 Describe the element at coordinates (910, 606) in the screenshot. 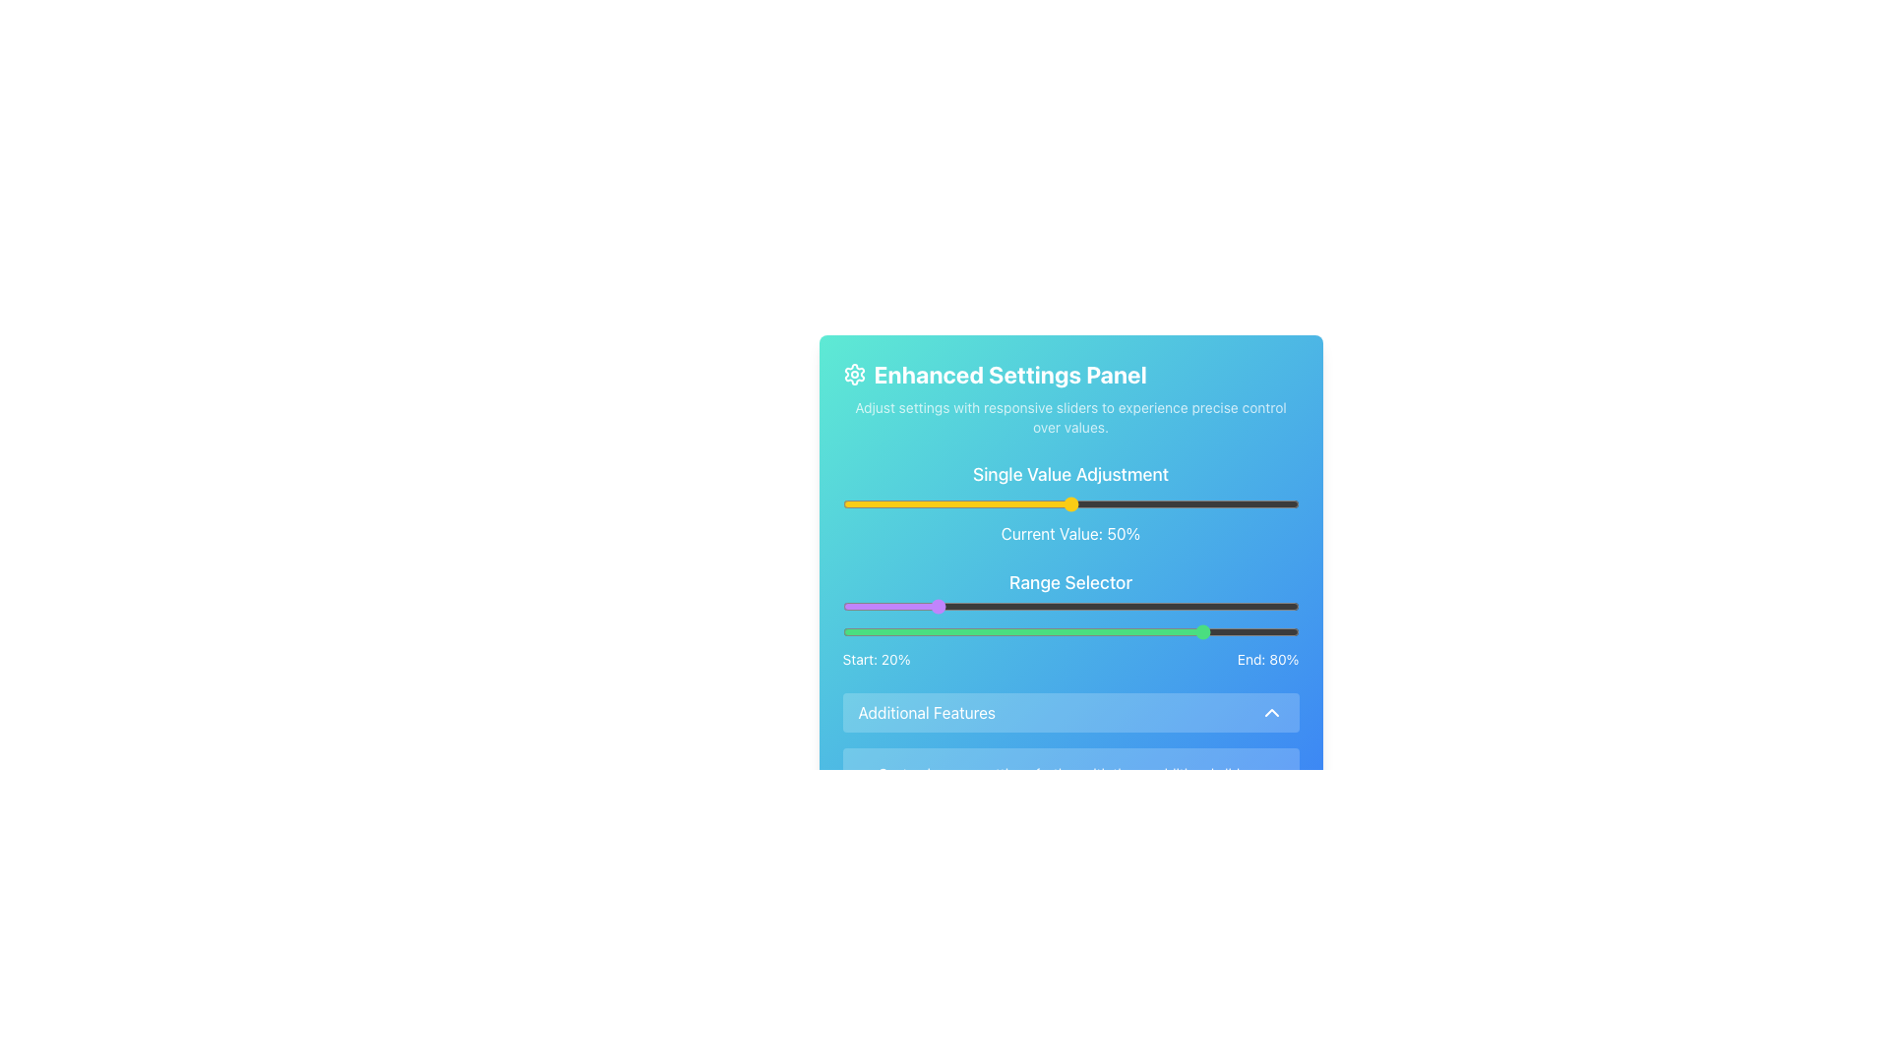

I see `the range selector sliders` at that location.